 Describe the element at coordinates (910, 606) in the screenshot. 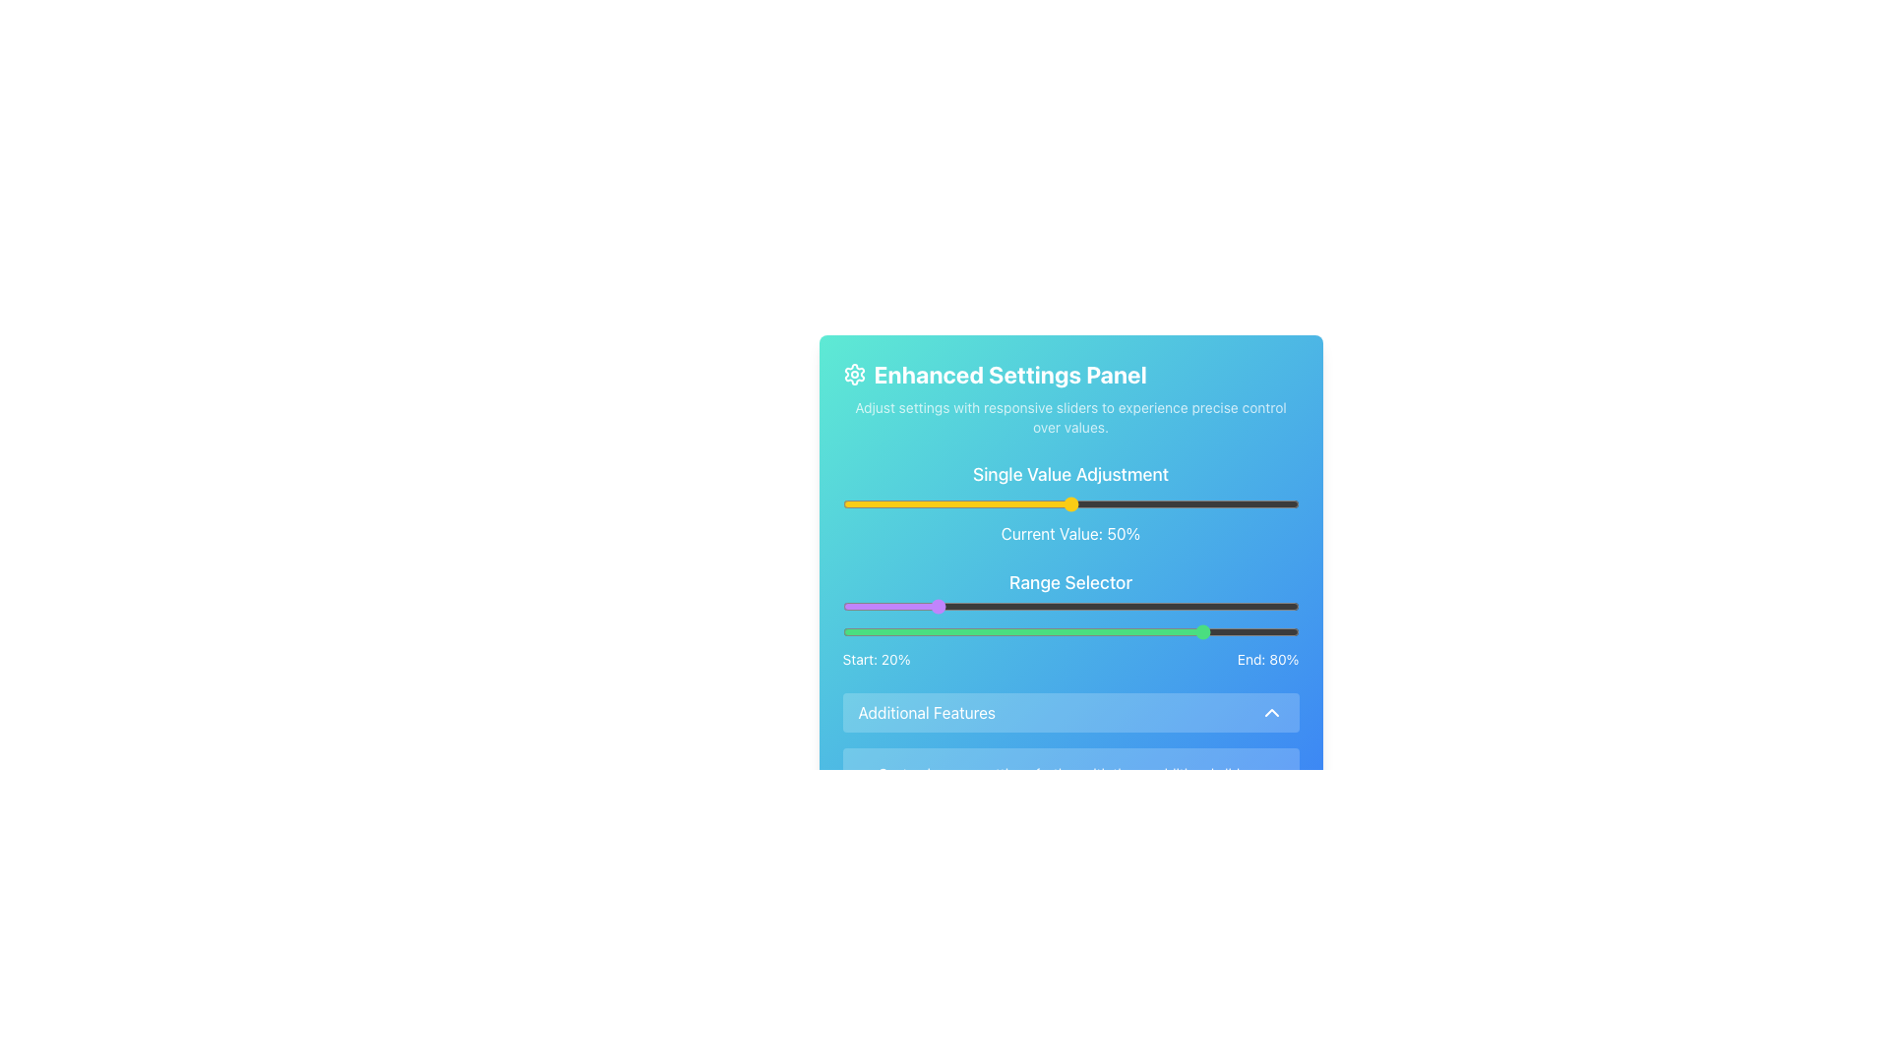

I see `the range selector sliders` at that location.